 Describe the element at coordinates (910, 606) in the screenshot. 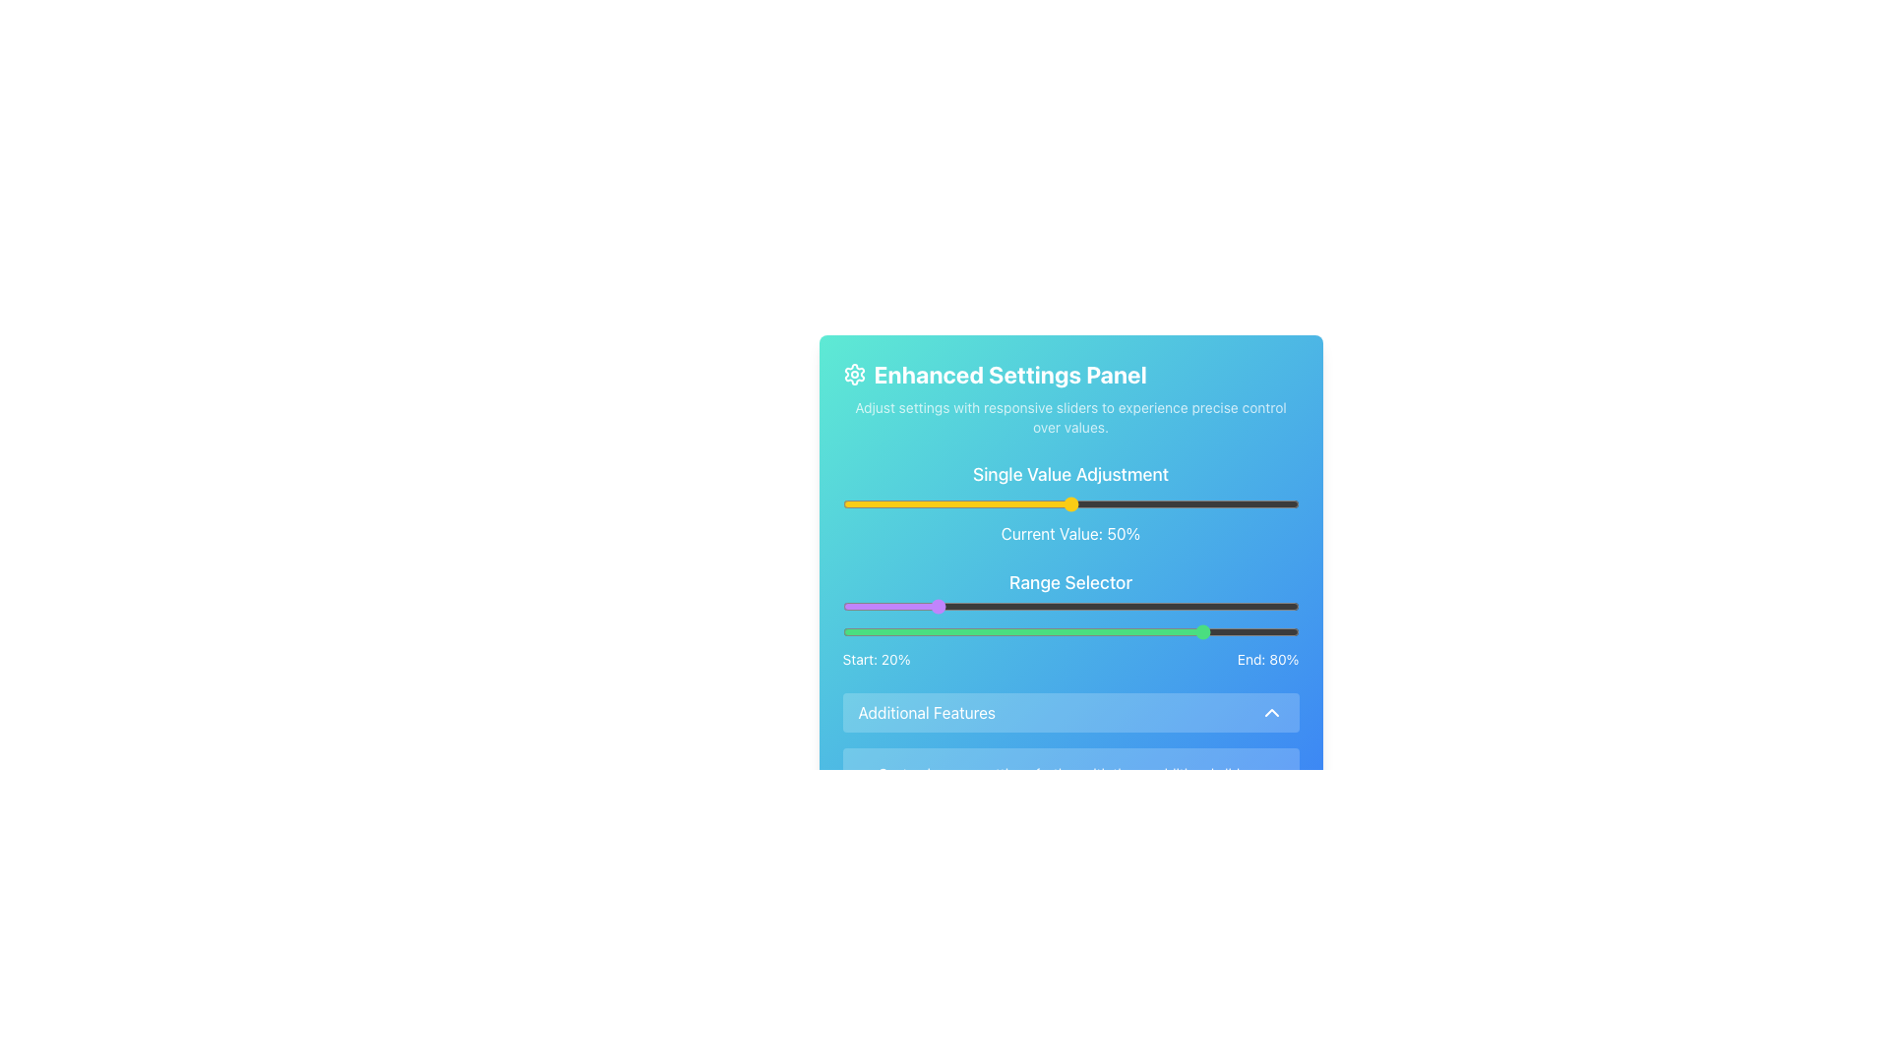

I see `the range selector sliders` at that location.